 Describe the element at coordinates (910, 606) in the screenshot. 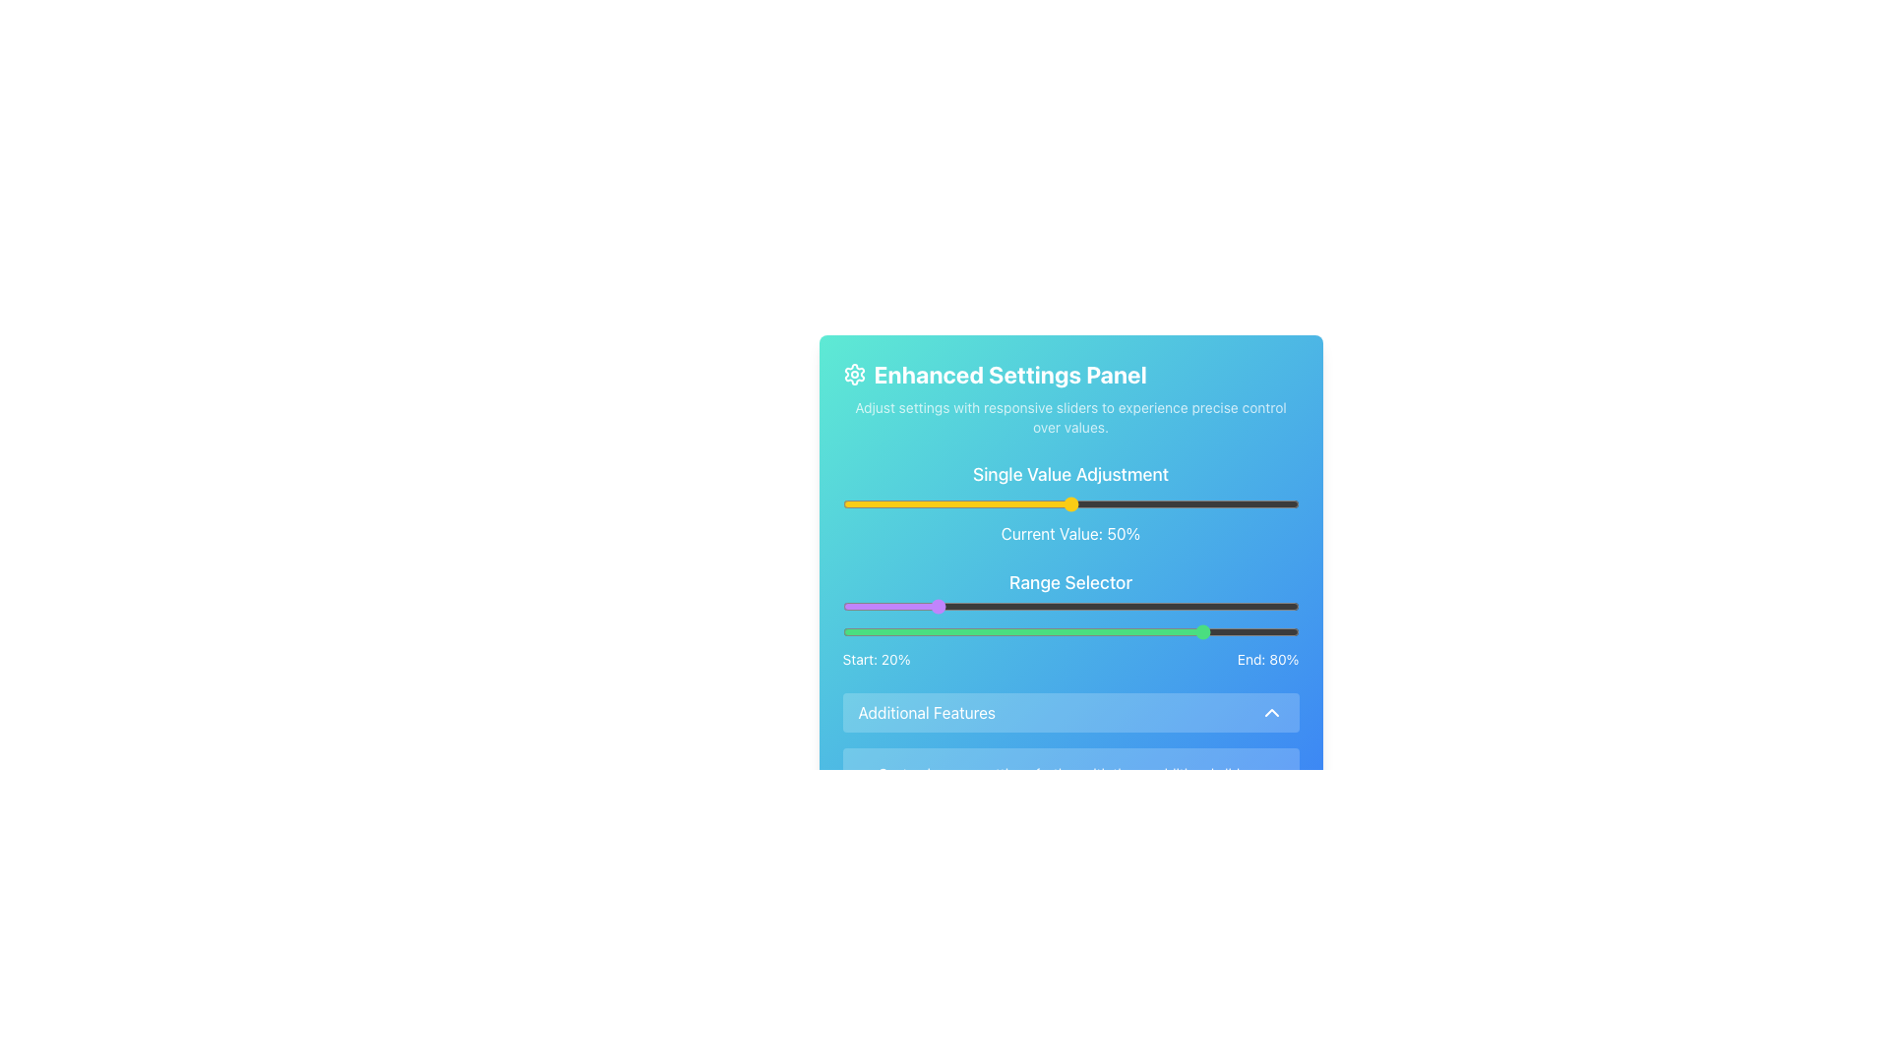

I see `the range selector sliders` at that location.